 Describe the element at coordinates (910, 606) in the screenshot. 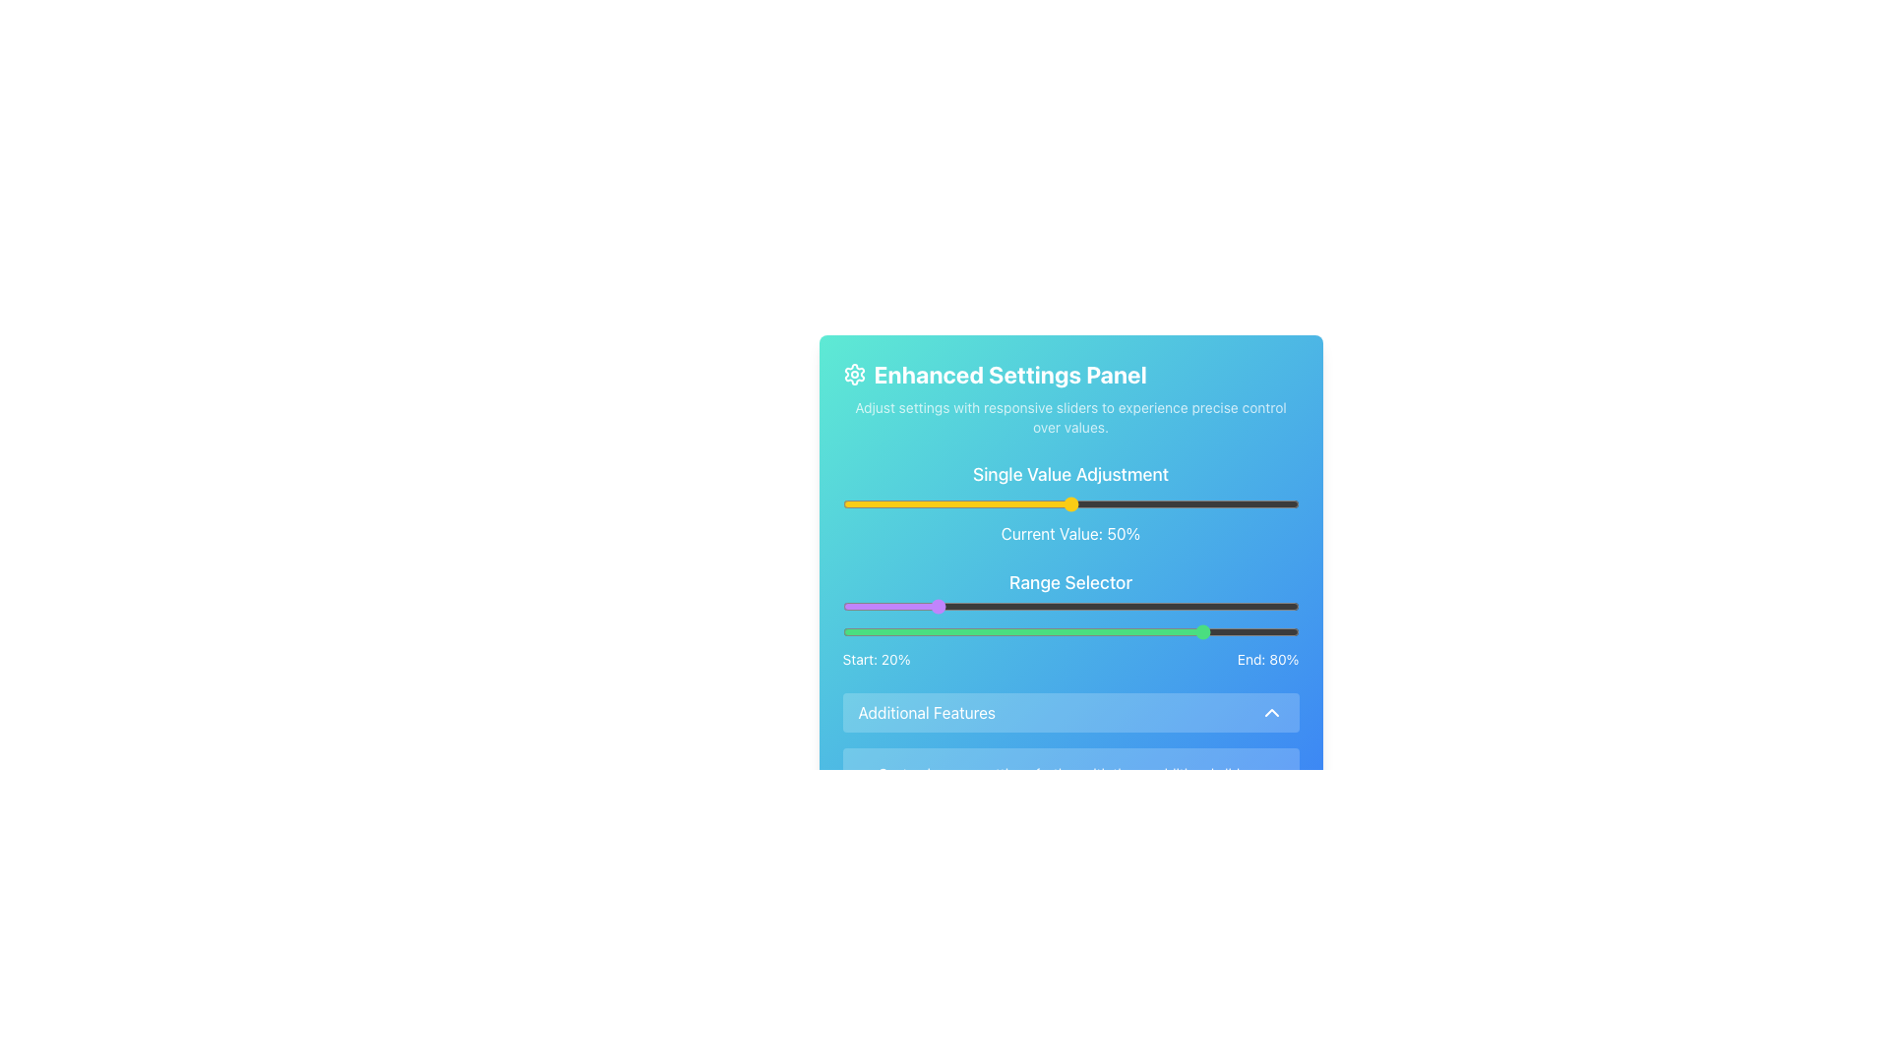

I see `the range selector sliders` at that location.